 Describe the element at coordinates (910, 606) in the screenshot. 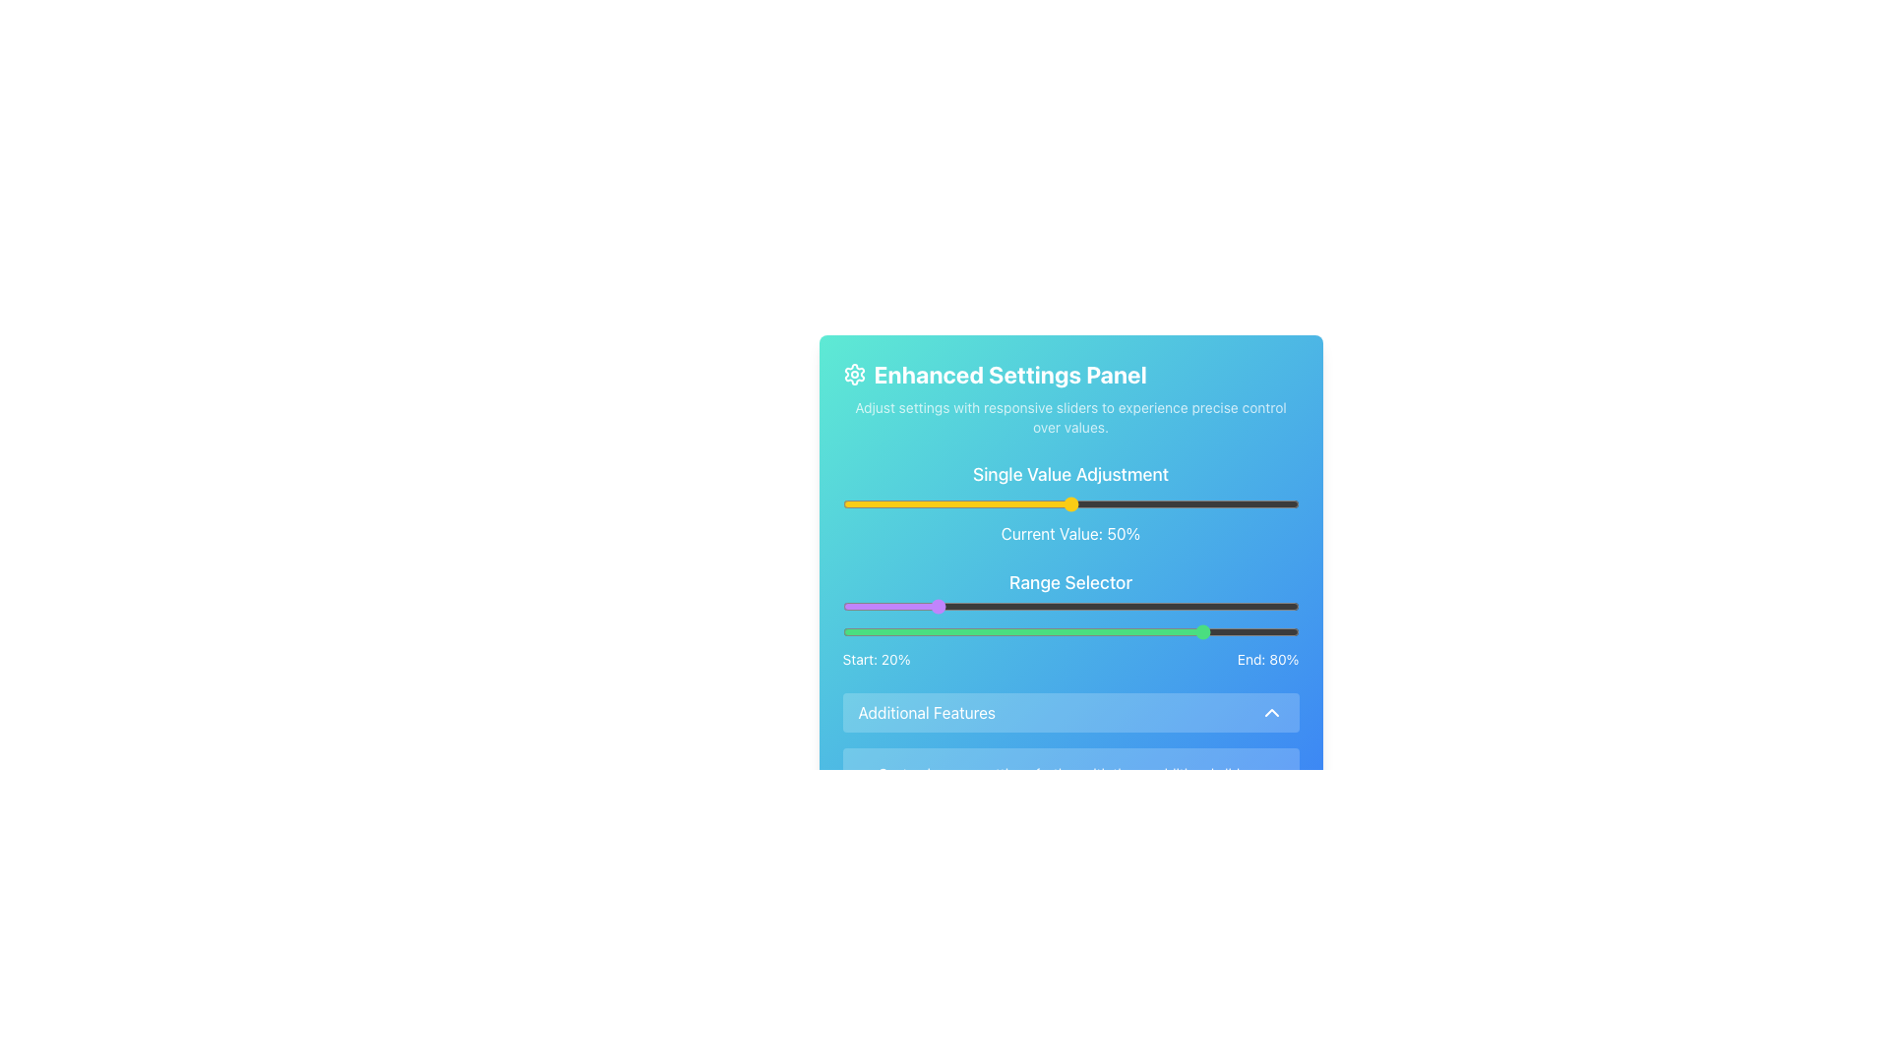

I see `the range selector sliders` at that location.